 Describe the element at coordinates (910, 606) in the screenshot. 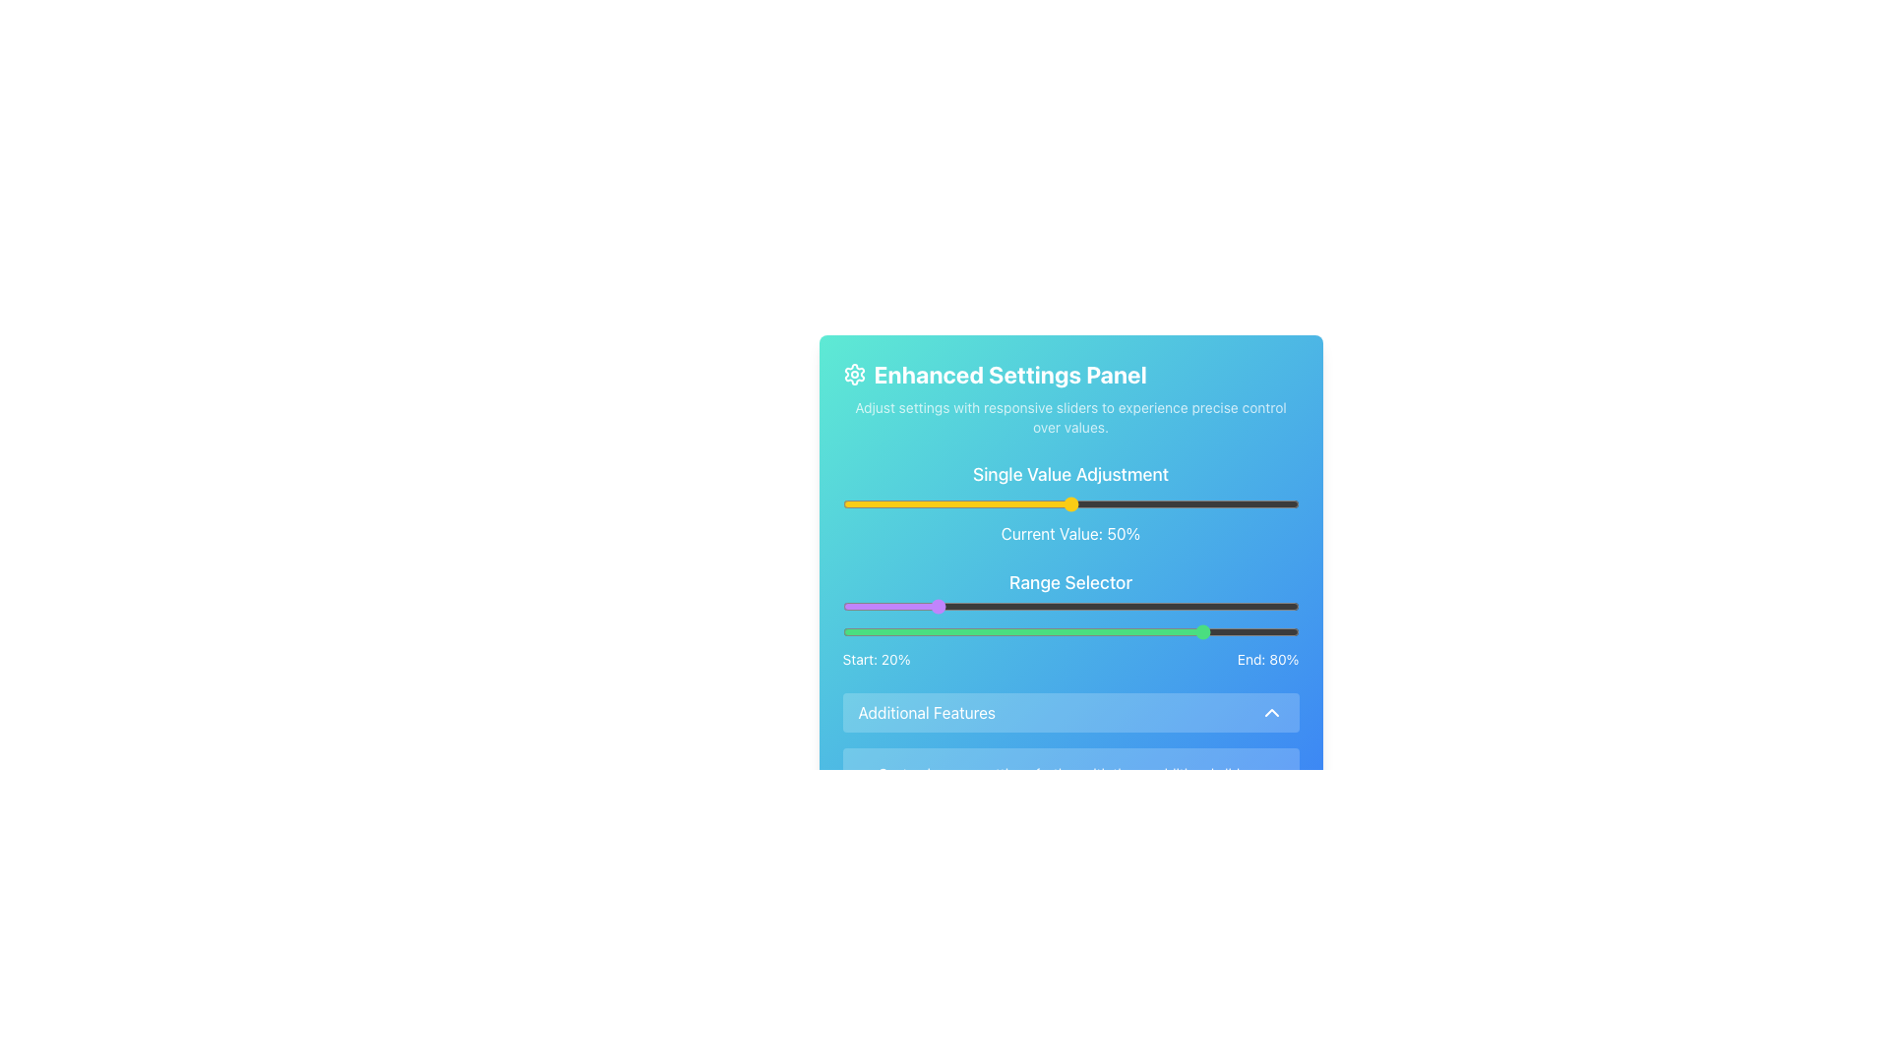

I see `the range selector sliders` at that location.